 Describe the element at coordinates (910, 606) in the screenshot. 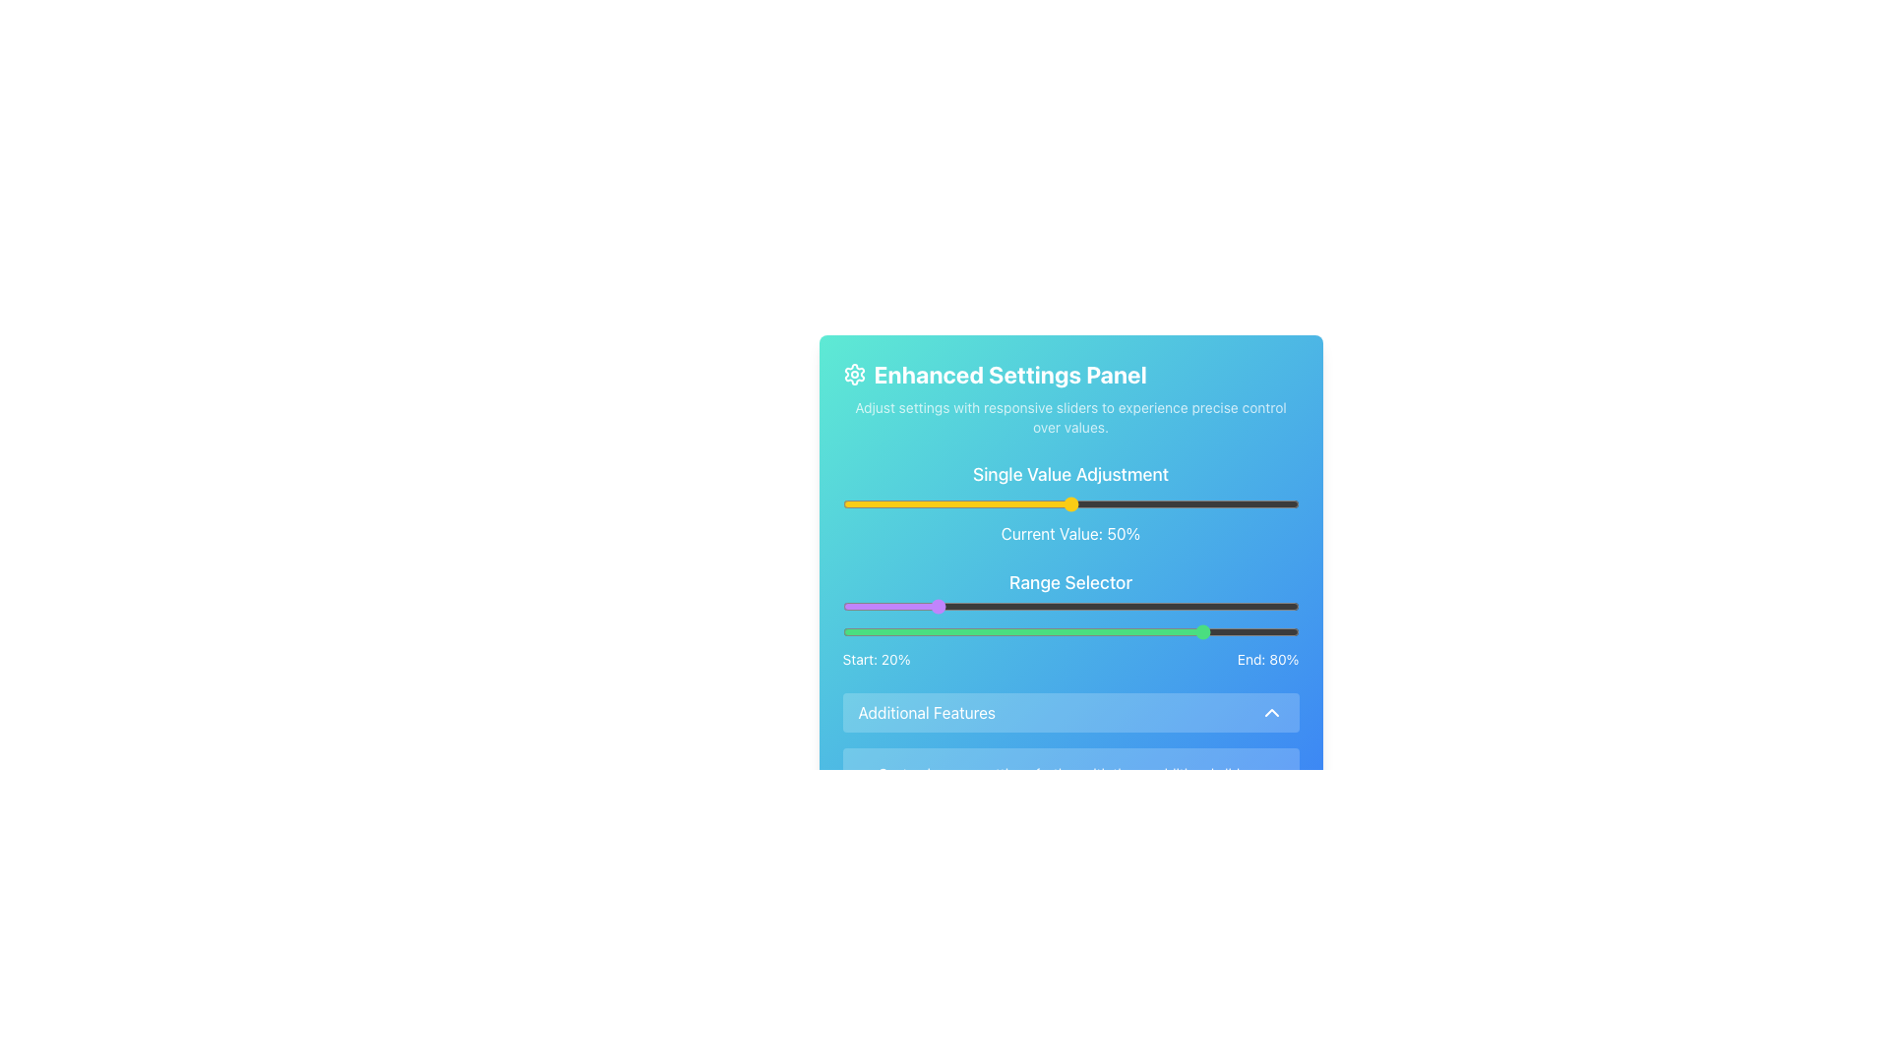

I see `the range selector sliders` at that location.